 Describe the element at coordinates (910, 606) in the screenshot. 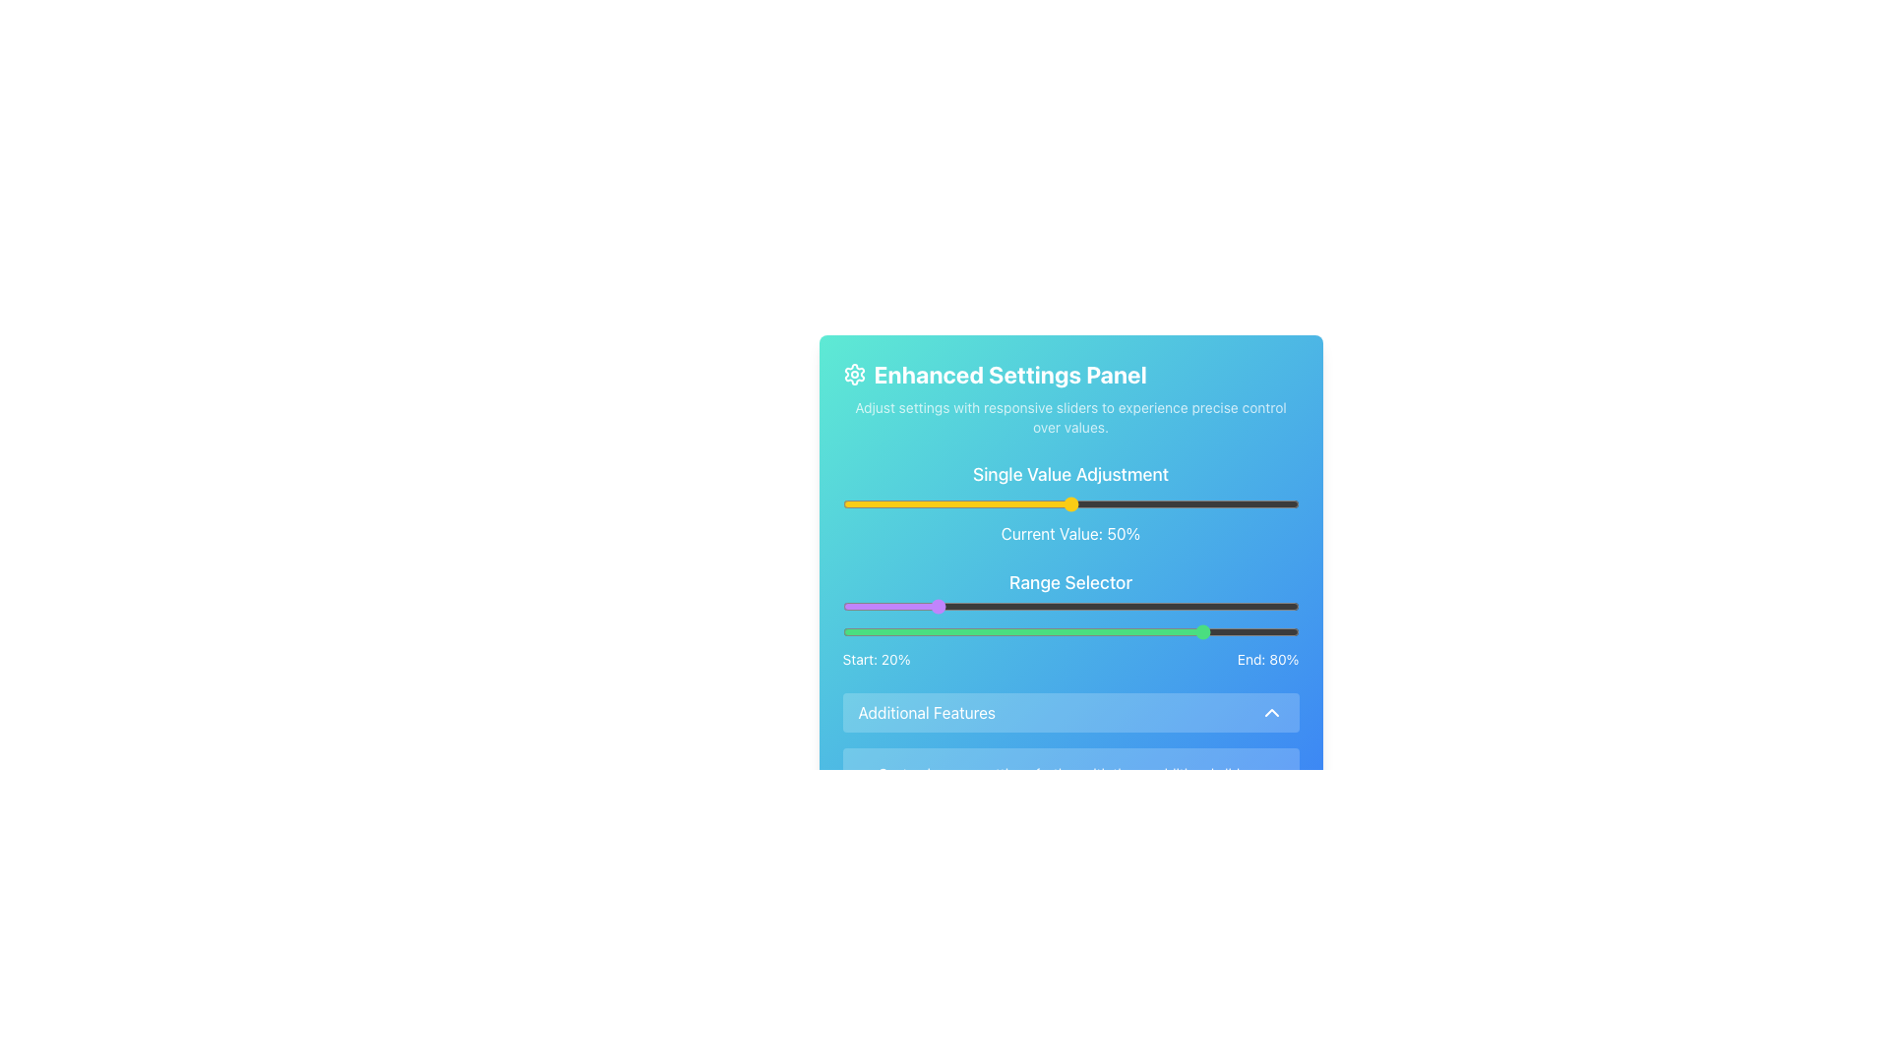

I see `the range selector sliders` at that location.